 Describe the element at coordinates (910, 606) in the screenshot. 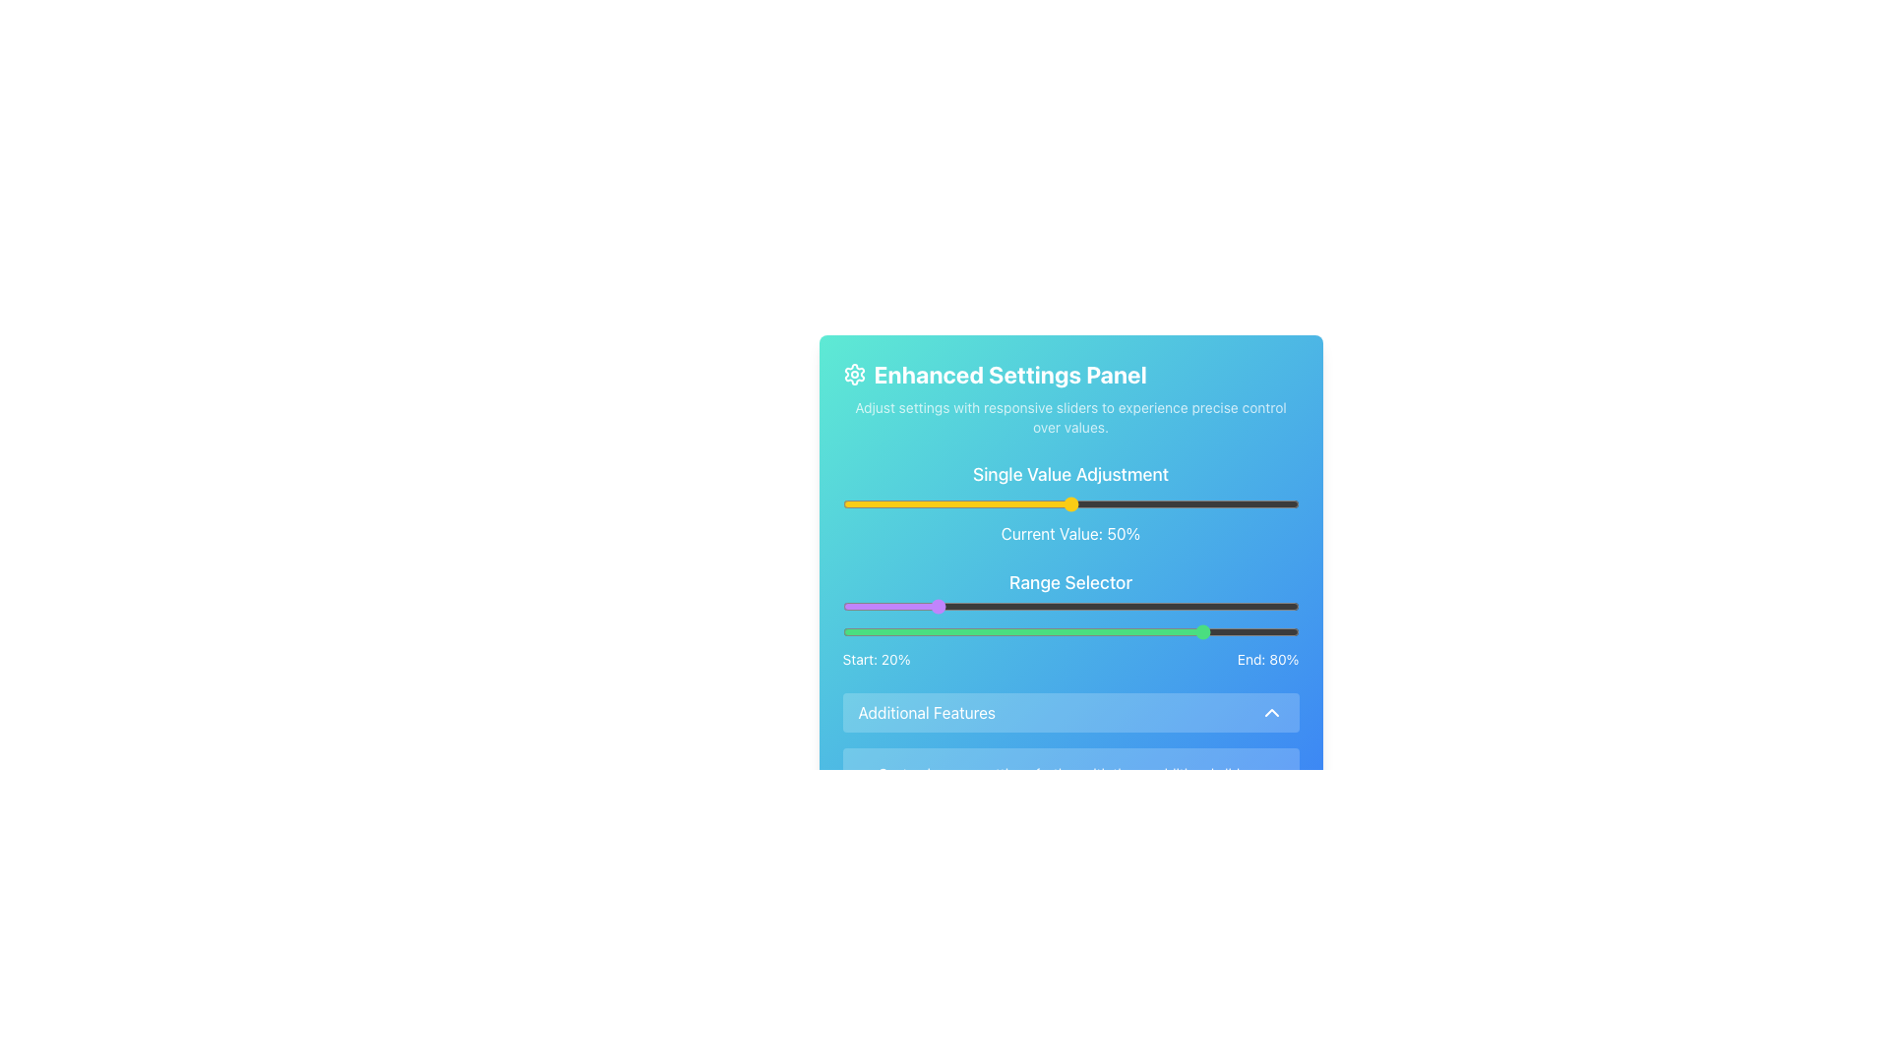

I see `the range selector sliders` at that location.